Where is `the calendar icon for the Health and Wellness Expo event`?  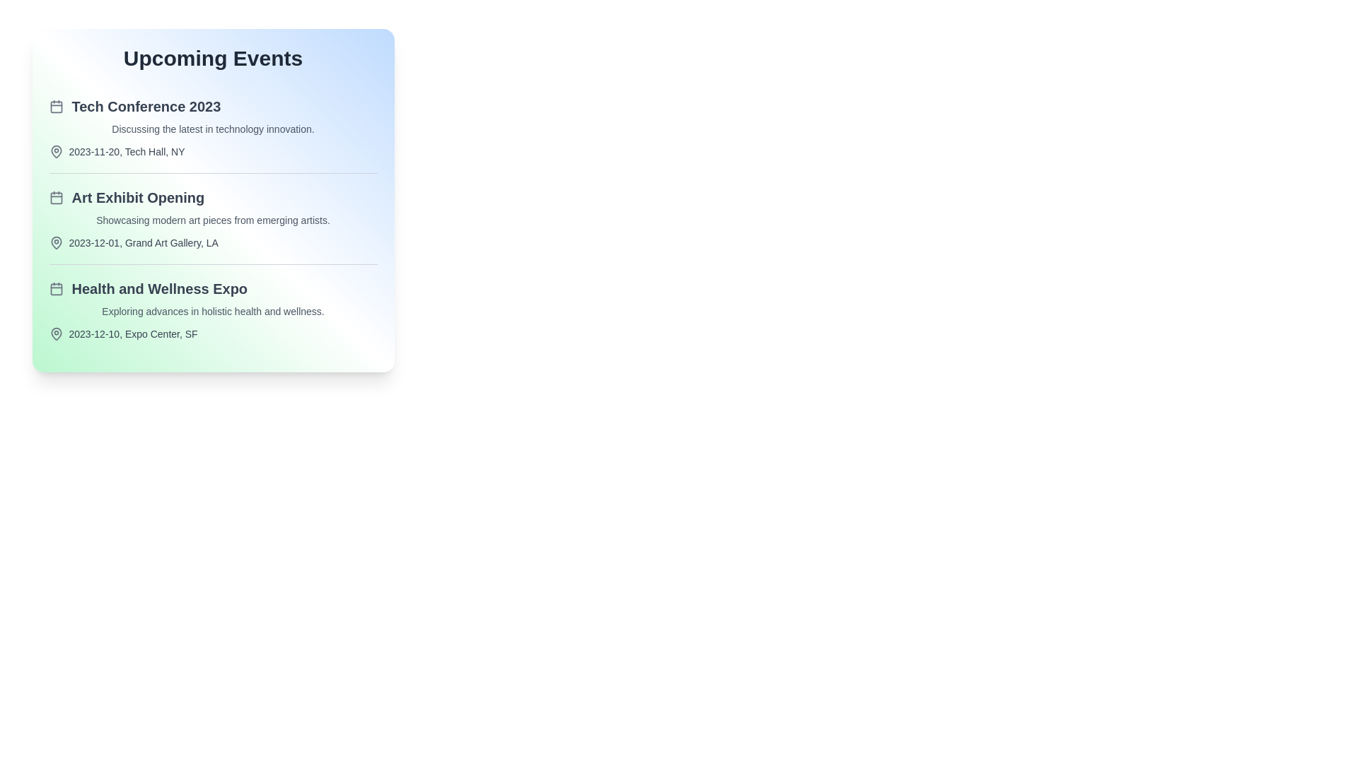 the calendar icon for the Health and Wellness Expo event is located at coordinates (56, 288).